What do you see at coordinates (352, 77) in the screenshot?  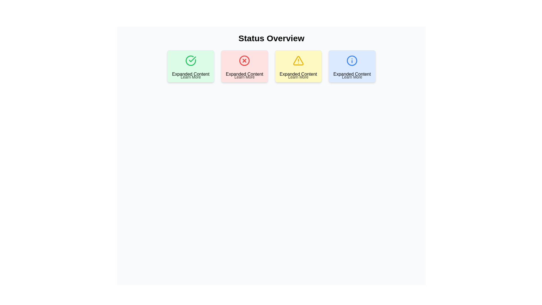 I see `the hyperlink located at the bottom center of the fourth card from the left` at bounding box center [352, 77].